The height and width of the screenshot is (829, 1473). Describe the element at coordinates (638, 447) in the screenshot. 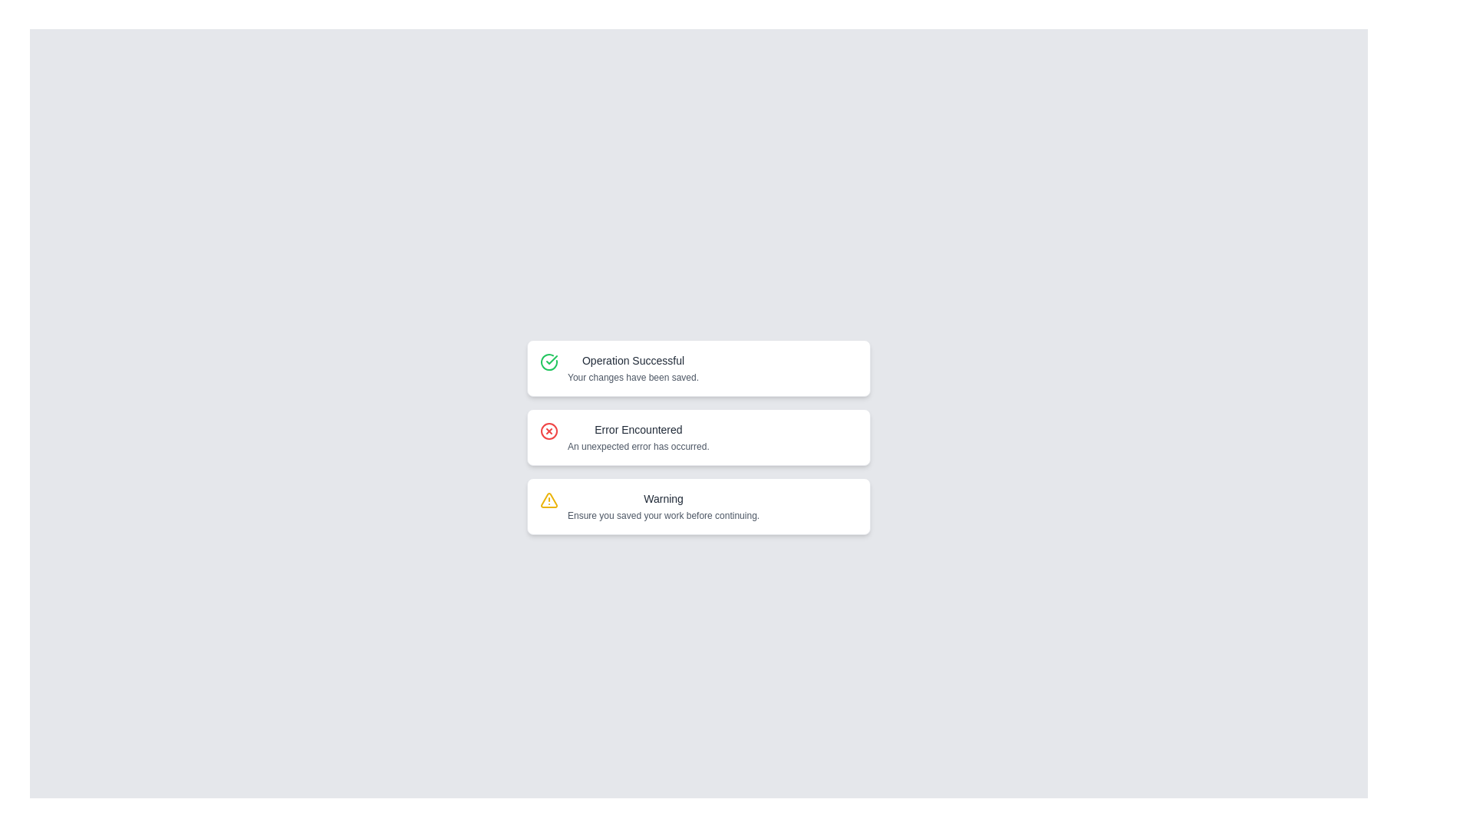

I see `error message text located in the second notification block labeled 'Error Encountered', which is centered horizontally below its title text` at that location.